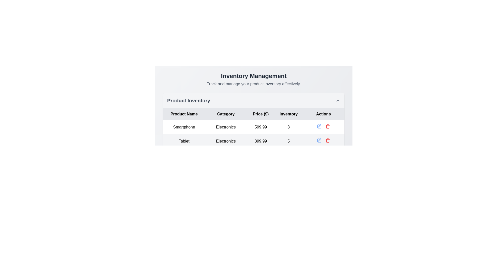  What do you see at coordinates (254, 76) in the screenshot?
I see `the bold, large-font text header reading 'Inventory Management', which is prominently displayed at the top of the section` at bounding box center [254, 76].